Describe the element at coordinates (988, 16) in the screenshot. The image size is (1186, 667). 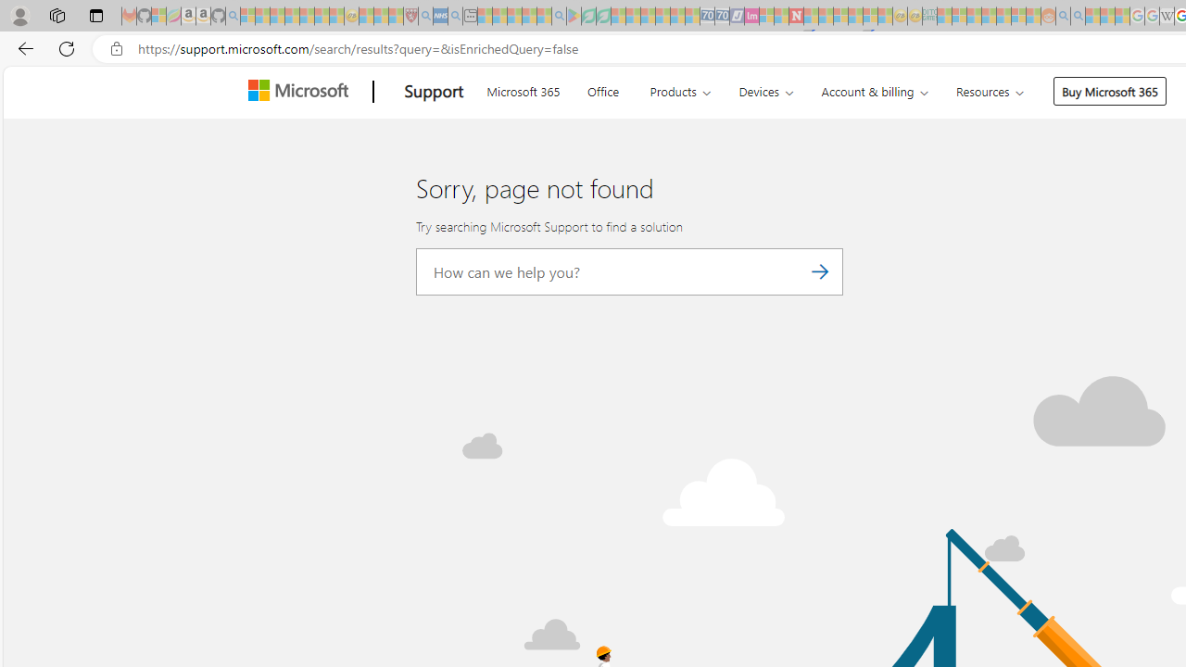
I see `'Expert Portfolios - Sleeping'` at that location.